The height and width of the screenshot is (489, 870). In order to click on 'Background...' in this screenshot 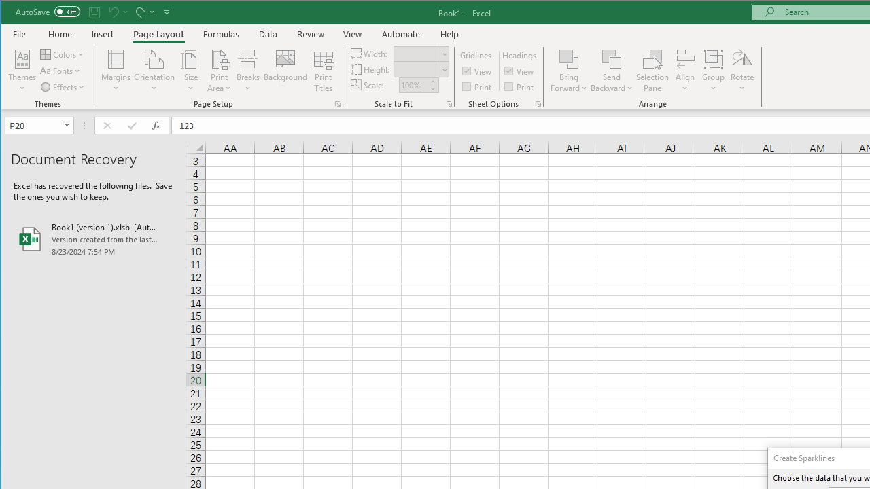, I will do `click(285, 71)`.